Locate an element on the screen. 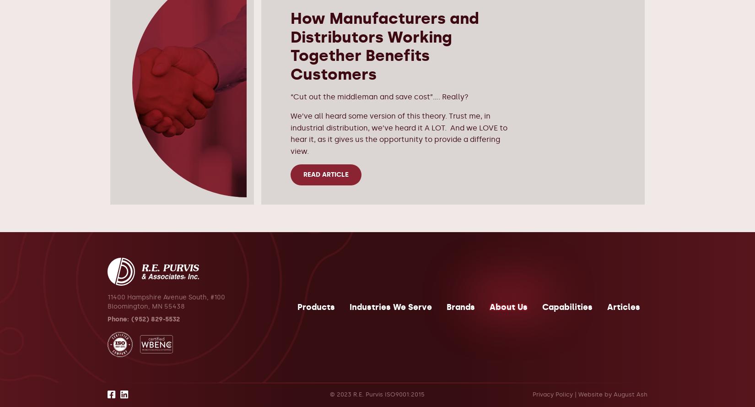 The height and width of the screenshot is (407, 755). '© 2023 R.E. Purvis ISO9001:2015' is located at coordinates (329, 393).